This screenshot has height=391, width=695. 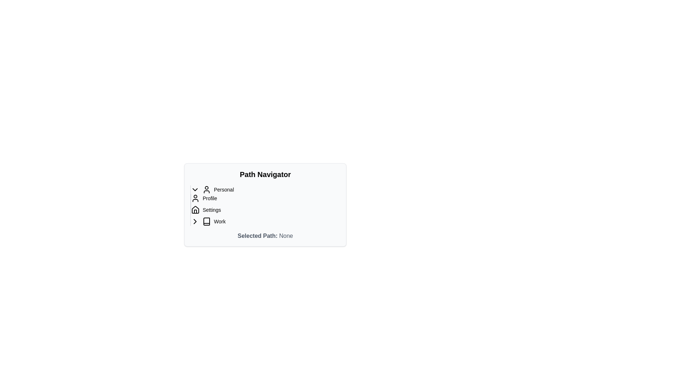 What do you see at coordinates (206, 189) in the screenshot?
I see `the 'Personal' icon` at bounding box center [206, 189].